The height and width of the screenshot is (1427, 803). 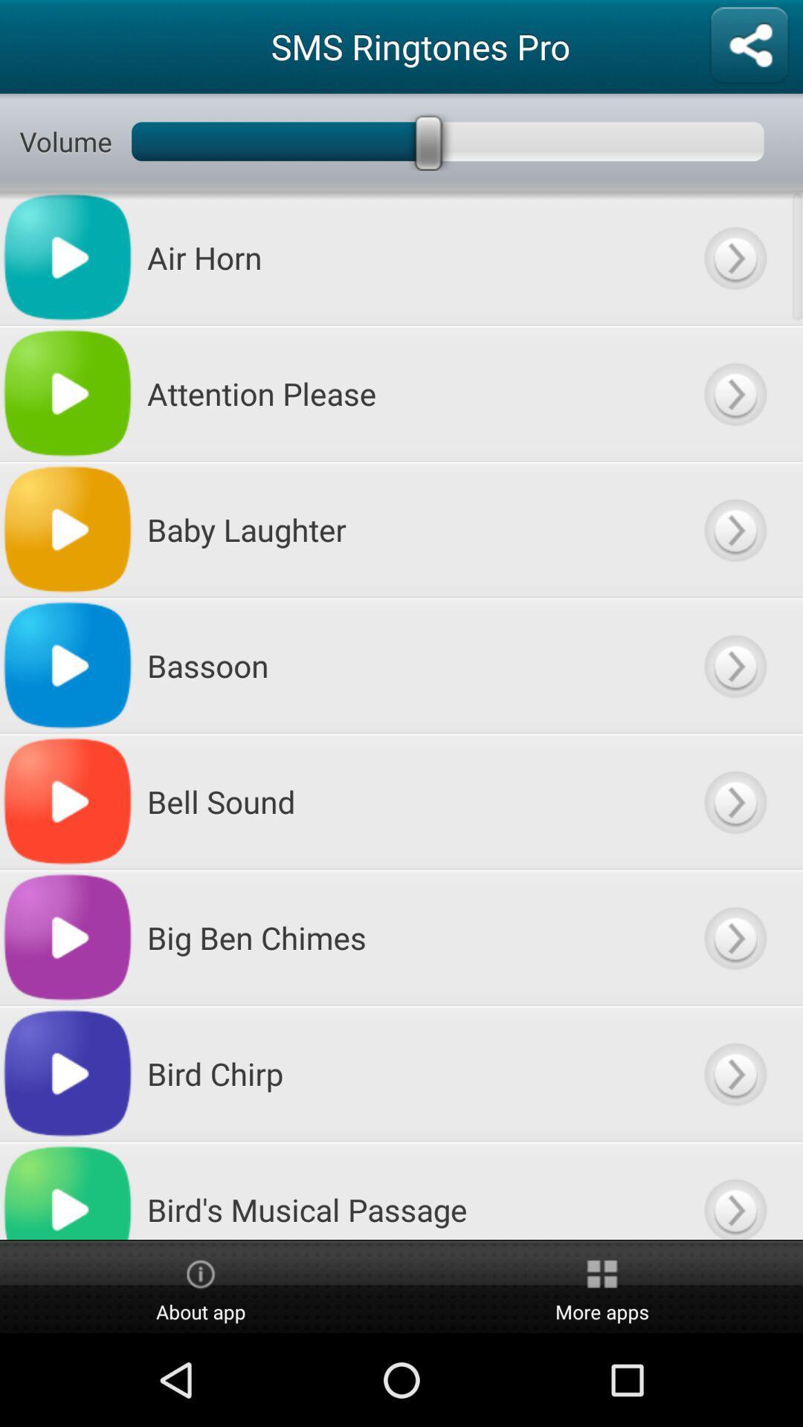 What do you see at coordinates (734, 257) in the screenshot?
I see `next button` at bounding box center [734, 257].